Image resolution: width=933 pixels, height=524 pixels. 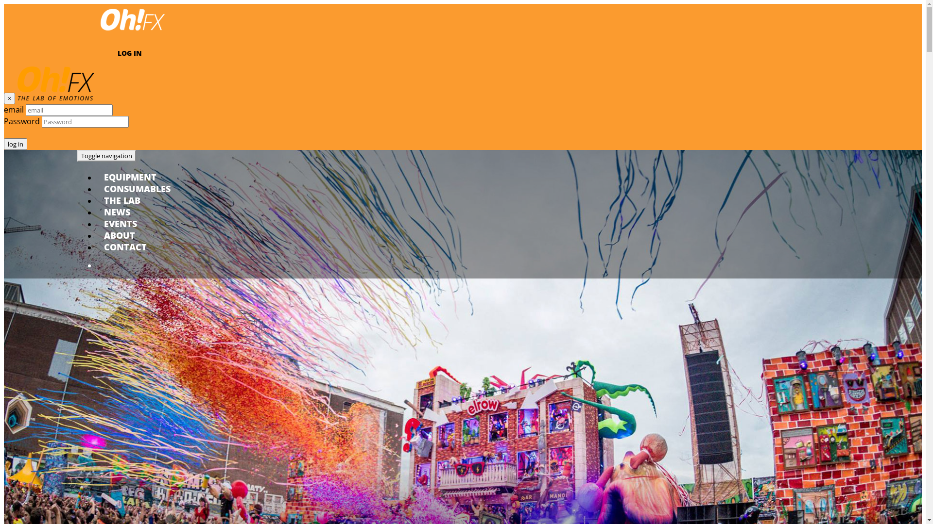 I want to click on 'log in', so click(x=16, y=144).